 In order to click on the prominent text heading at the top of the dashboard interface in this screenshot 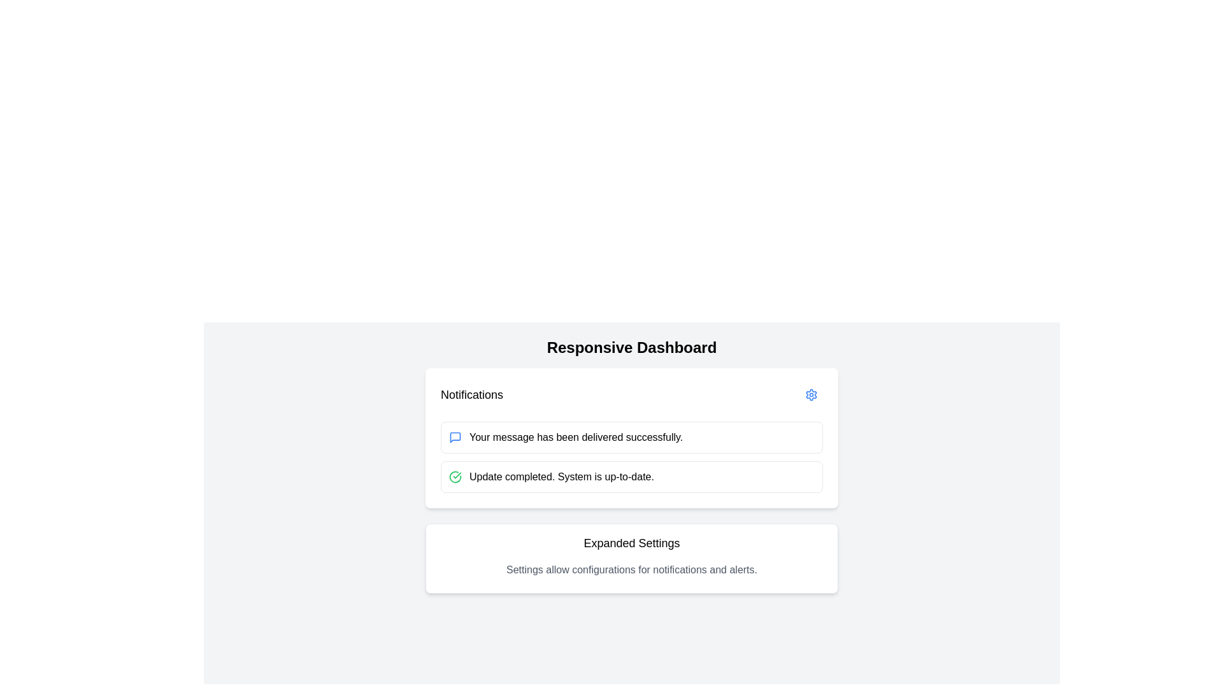, I will do `click(632, 348)`.